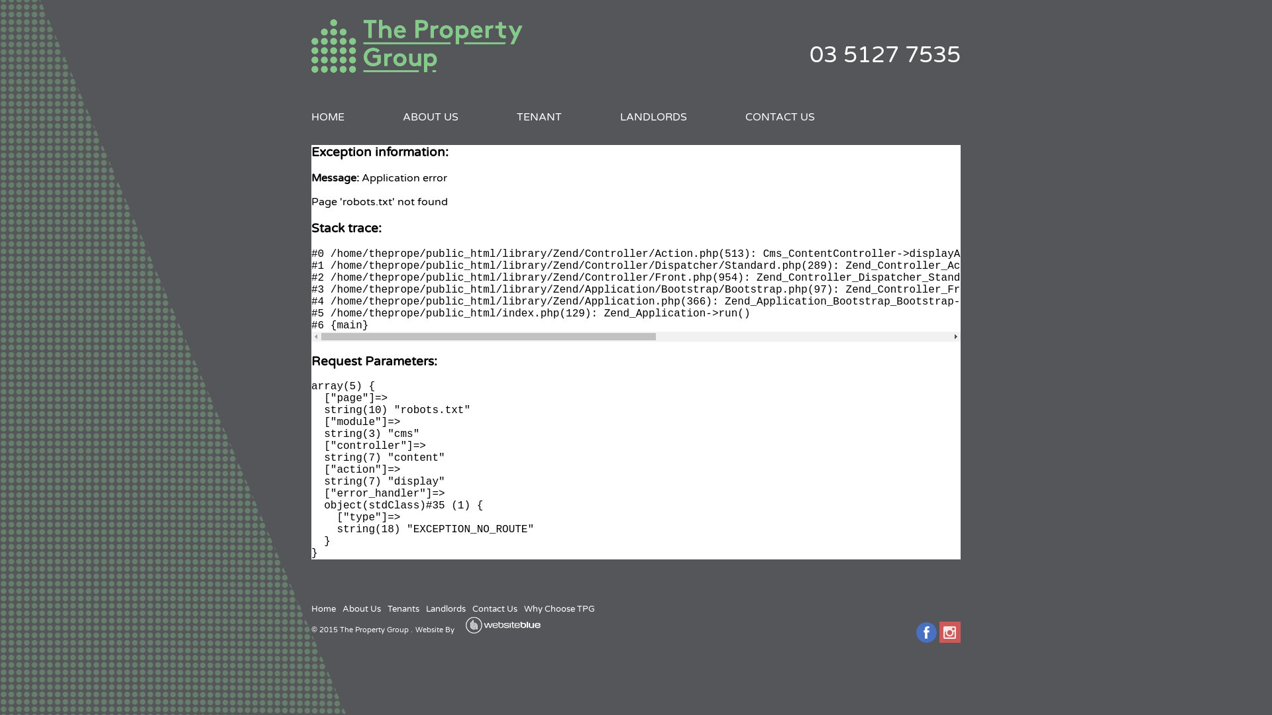 Image resolution: width=1272 pixels, height=715 pixels. What do you see at coordinates (494, 609) in the screenshot?
I see `'Contact Us'` at bounding box center [494, 609].